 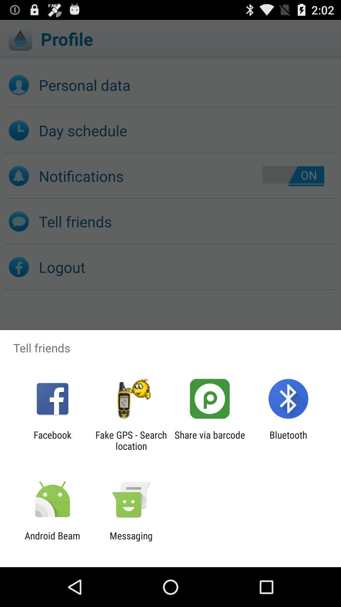 I want to click on bluetooth app, so click(x=288, y=440).